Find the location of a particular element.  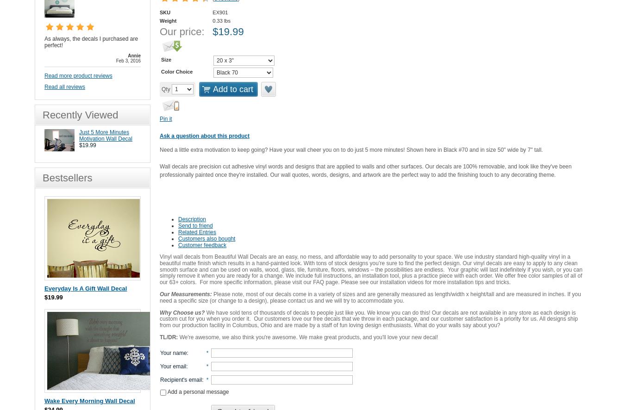

'0.33' is located at coordinates (217, 20).